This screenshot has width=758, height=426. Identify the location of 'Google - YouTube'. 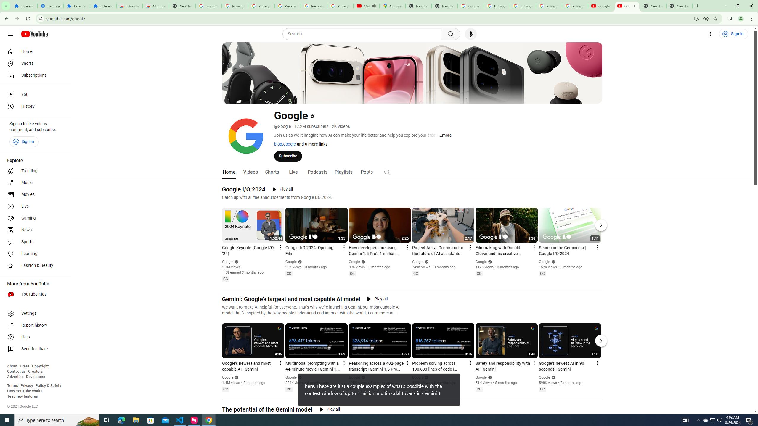
(601, 6).